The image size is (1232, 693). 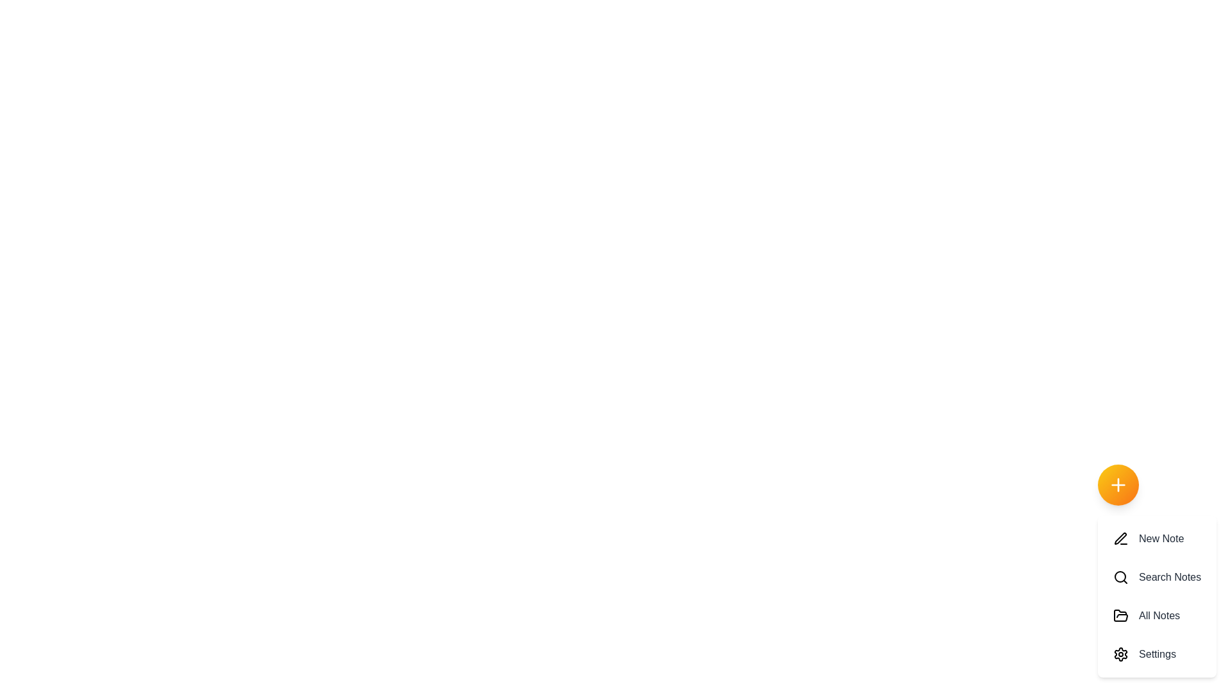 I want to click on the 'New Note' button to create a new note, so click(x=1157, y=539).